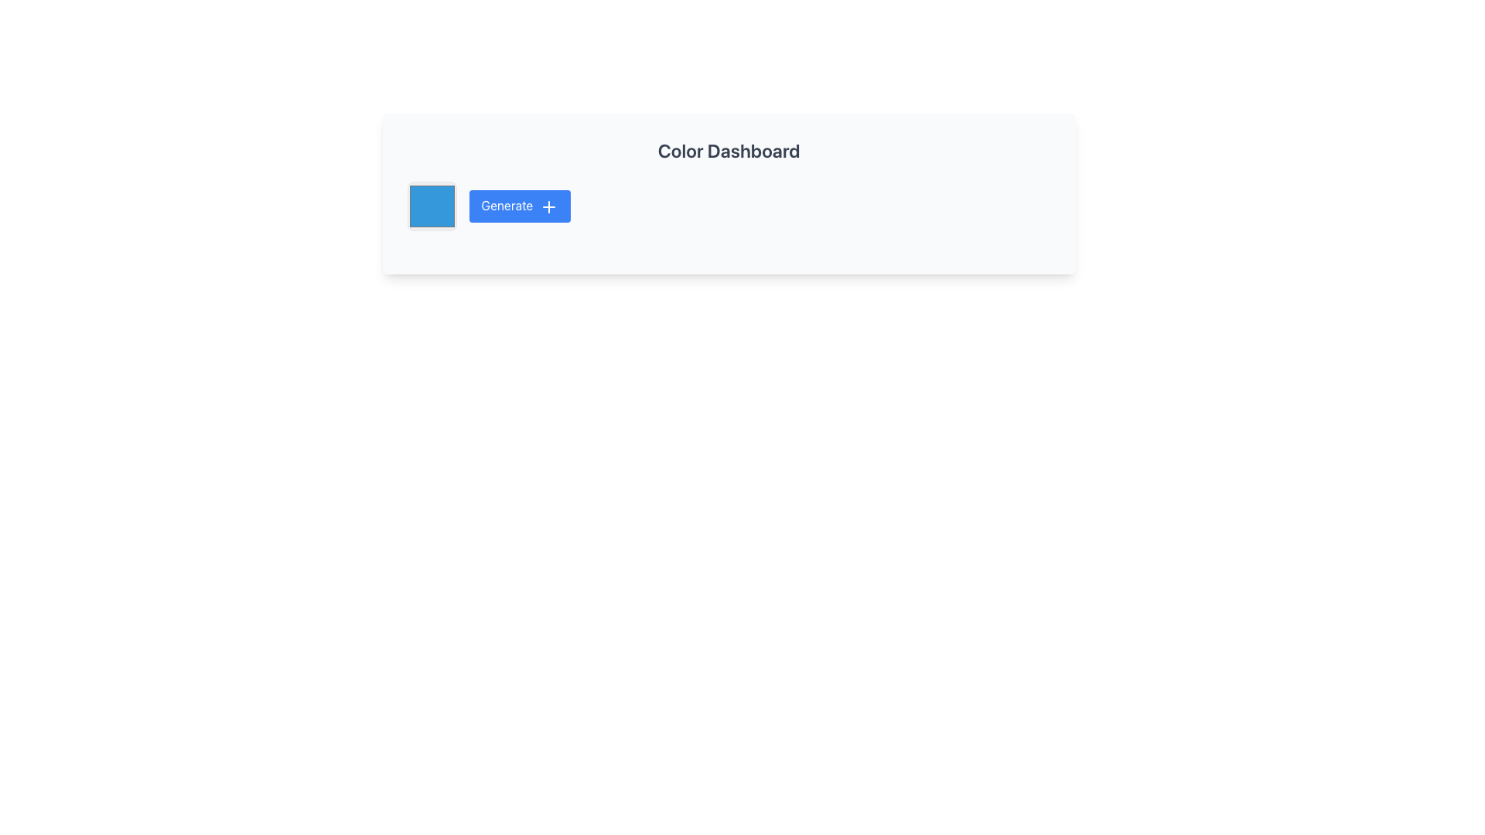 Image resolution: width=1485 pixels, height=835 pixels. I want to click on the Color Picker element, so click(432, 205).